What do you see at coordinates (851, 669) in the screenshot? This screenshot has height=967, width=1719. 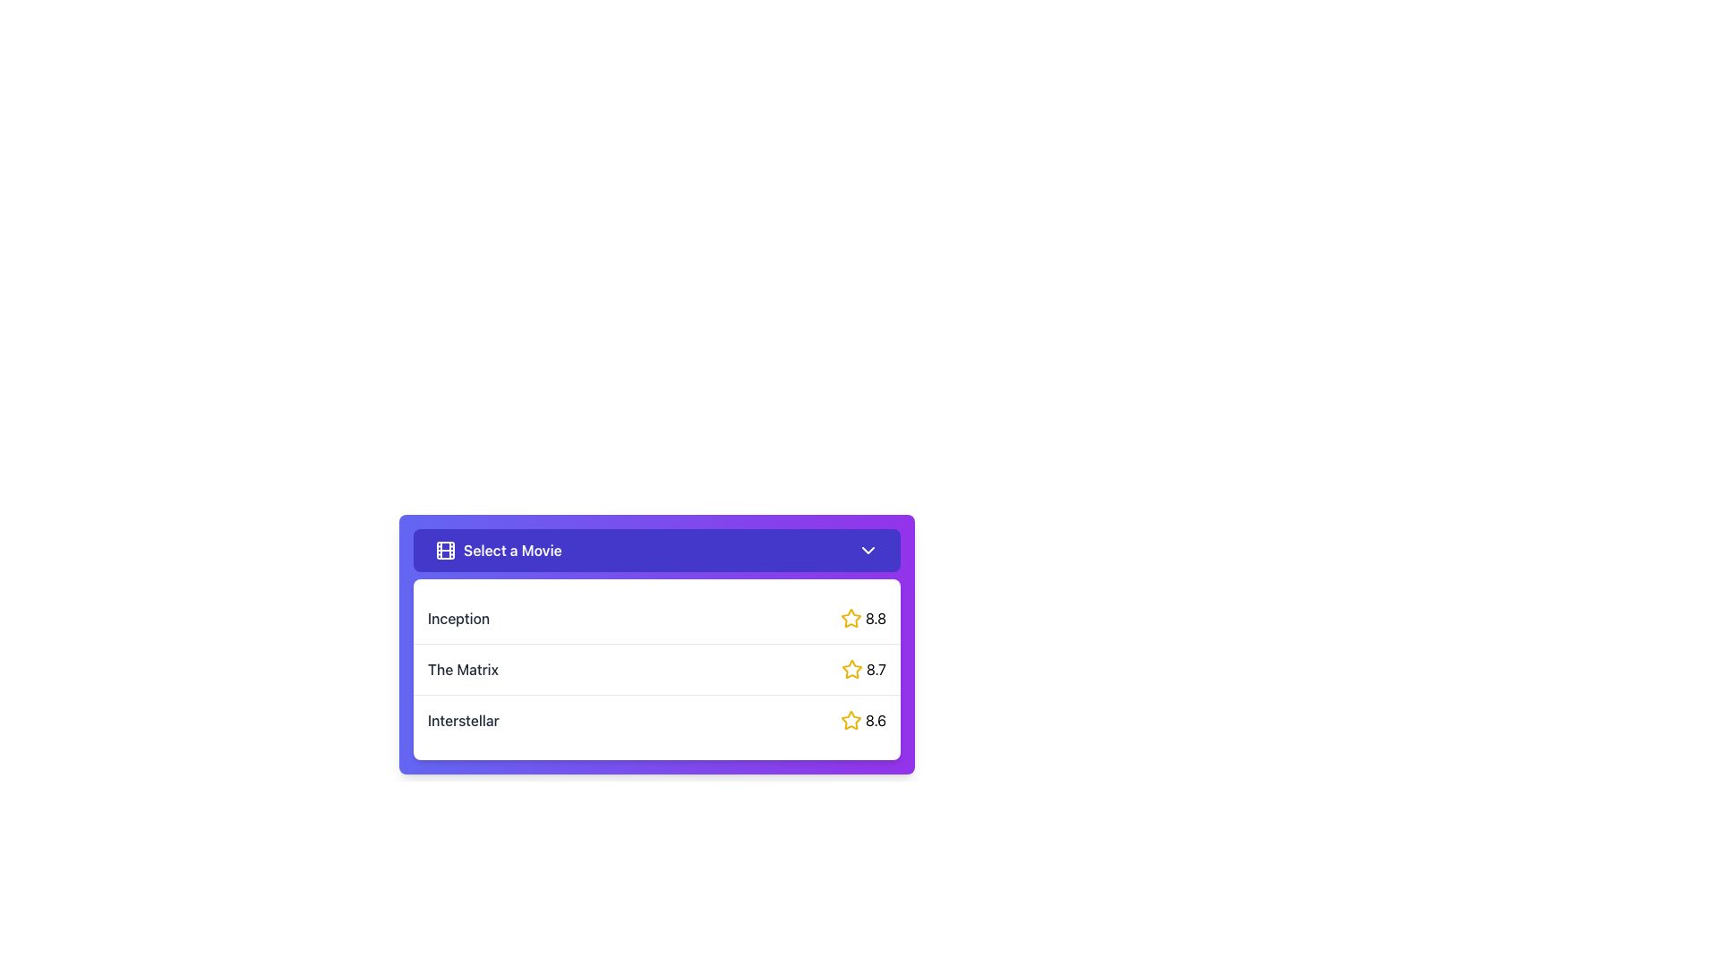 I see `the rating icon for 'The Matrix' movie option, which is located near the right side of the row adjacent to the displayed rating score '8.7'` at bounding box center [851, 669].